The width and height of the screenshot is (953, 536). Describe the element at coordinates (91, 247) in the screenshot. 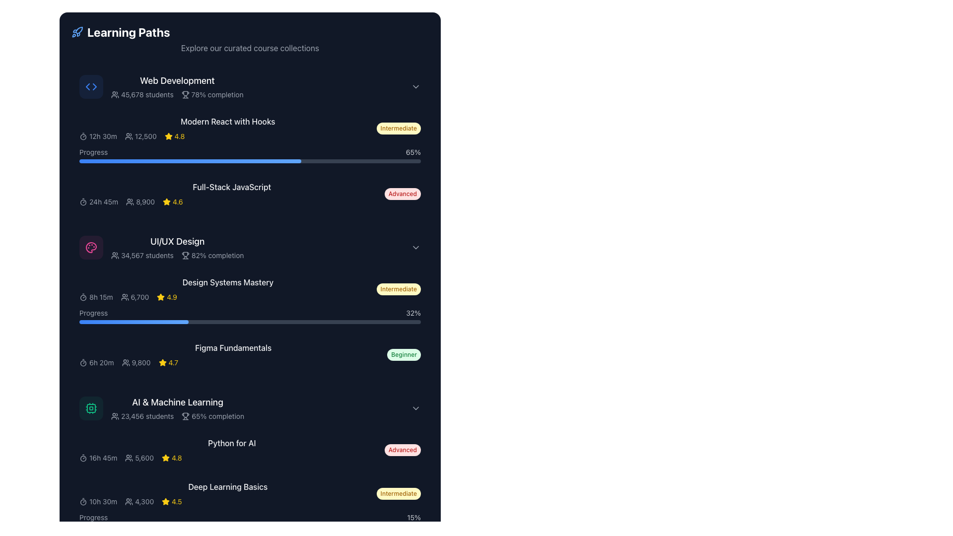

I see `the UI/UX Design icon located on the left side of its section, adjacent to the title` at that location.